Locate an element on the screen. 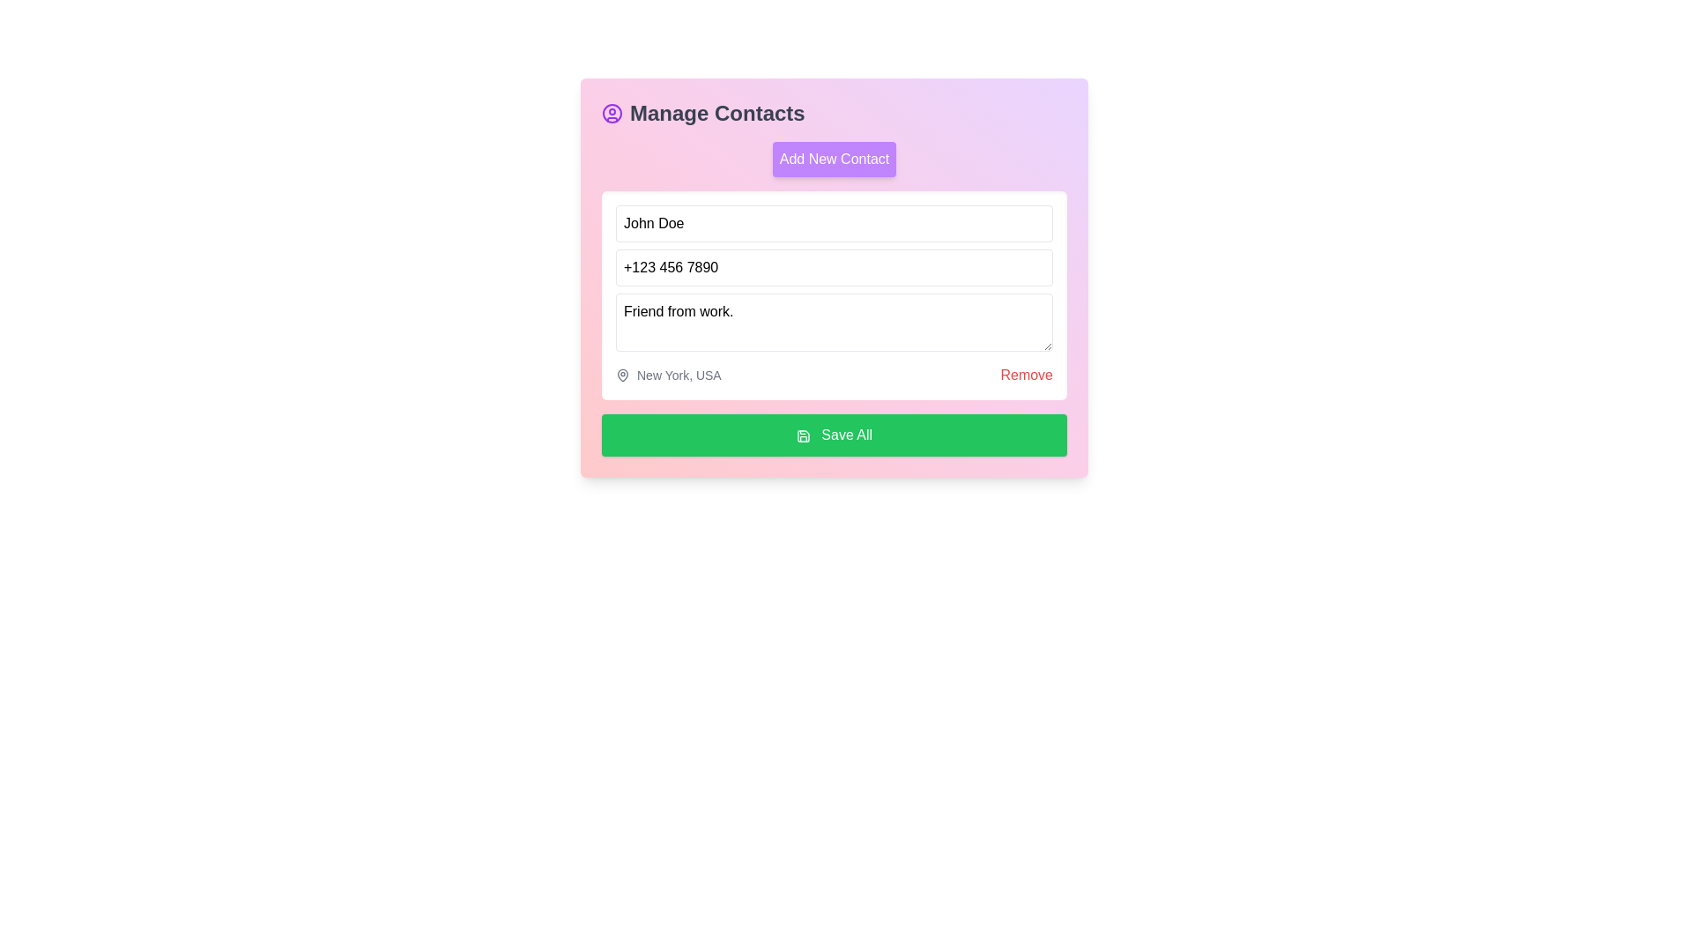 The width and height of the screenshot is (1692, 952). the location pin icon that represents a geographical location, positioned to the left of the text 'New York, USA', near the bottom of the form interface is located at coordinates (622, 374).